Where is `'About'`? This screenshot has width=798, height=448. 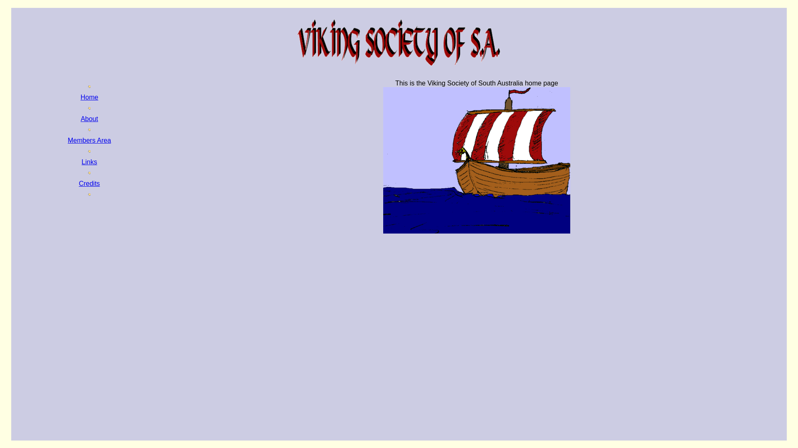 'About' is located at coordinates (89, 119).